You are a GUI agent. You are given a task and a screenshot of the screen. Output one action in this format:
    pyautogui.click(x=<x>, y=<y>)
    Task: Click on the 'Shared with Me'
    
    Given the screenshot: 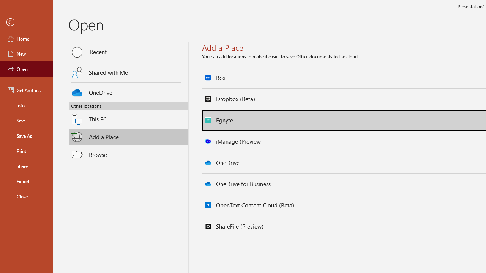 What is the action you would take?
    pyautogui.click(x=128, y=72)
    